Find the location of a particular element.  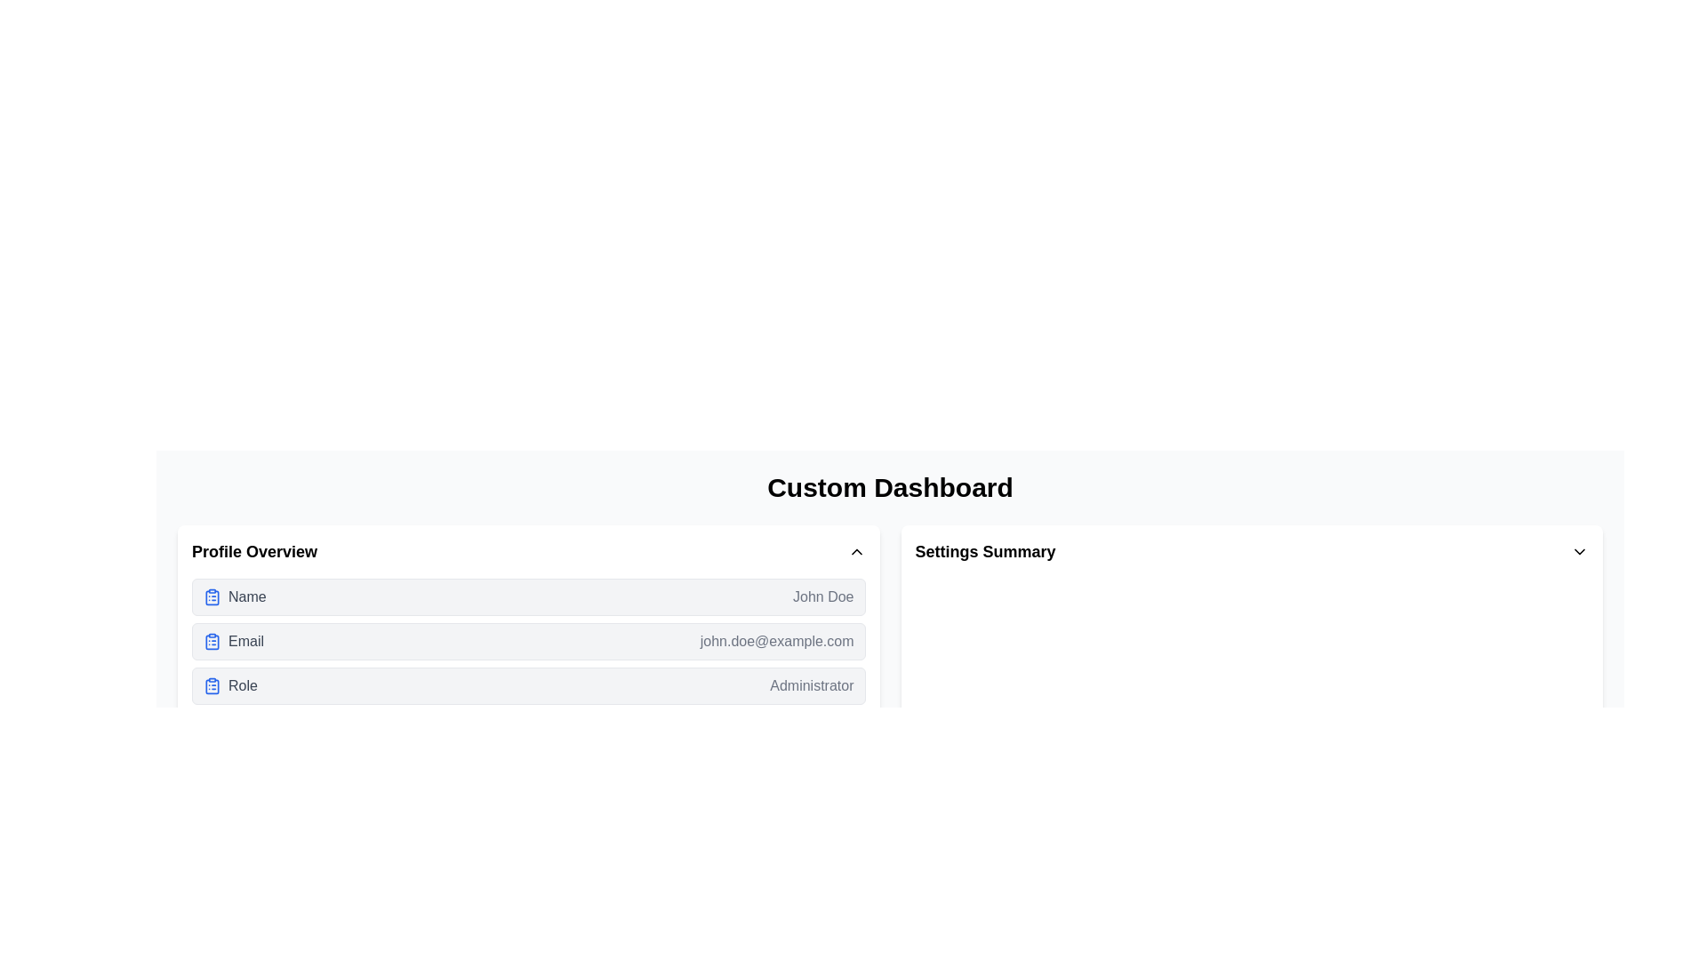

the 'Email' text label, which is styled in gray color and medium font weight, located in the 'Profile Overview' section, positioned between the 'Name' and 'Role' labels is located at coordinates (245, 641).